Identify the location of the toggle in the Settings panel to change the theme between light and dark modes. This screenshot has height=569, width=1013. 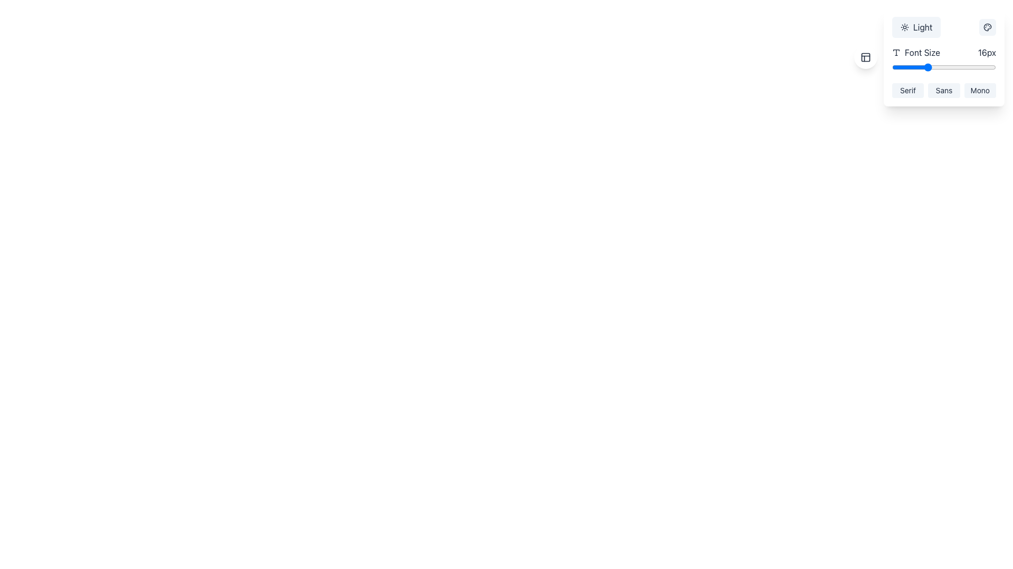
(944, 57).